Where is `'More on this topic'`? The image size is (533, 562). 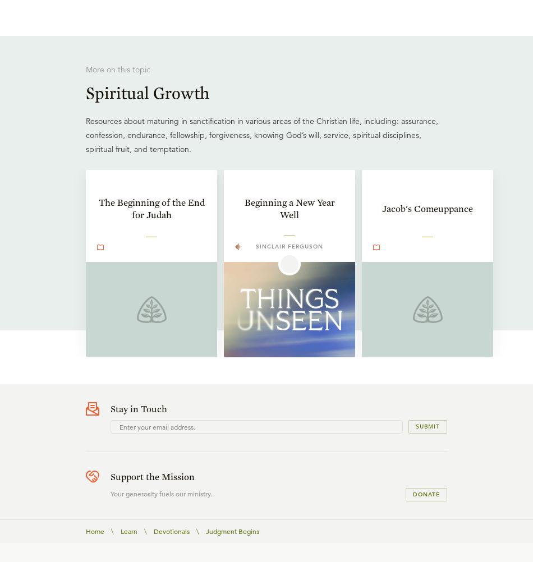
'More on this topic' is located at coordinates (118, 69).